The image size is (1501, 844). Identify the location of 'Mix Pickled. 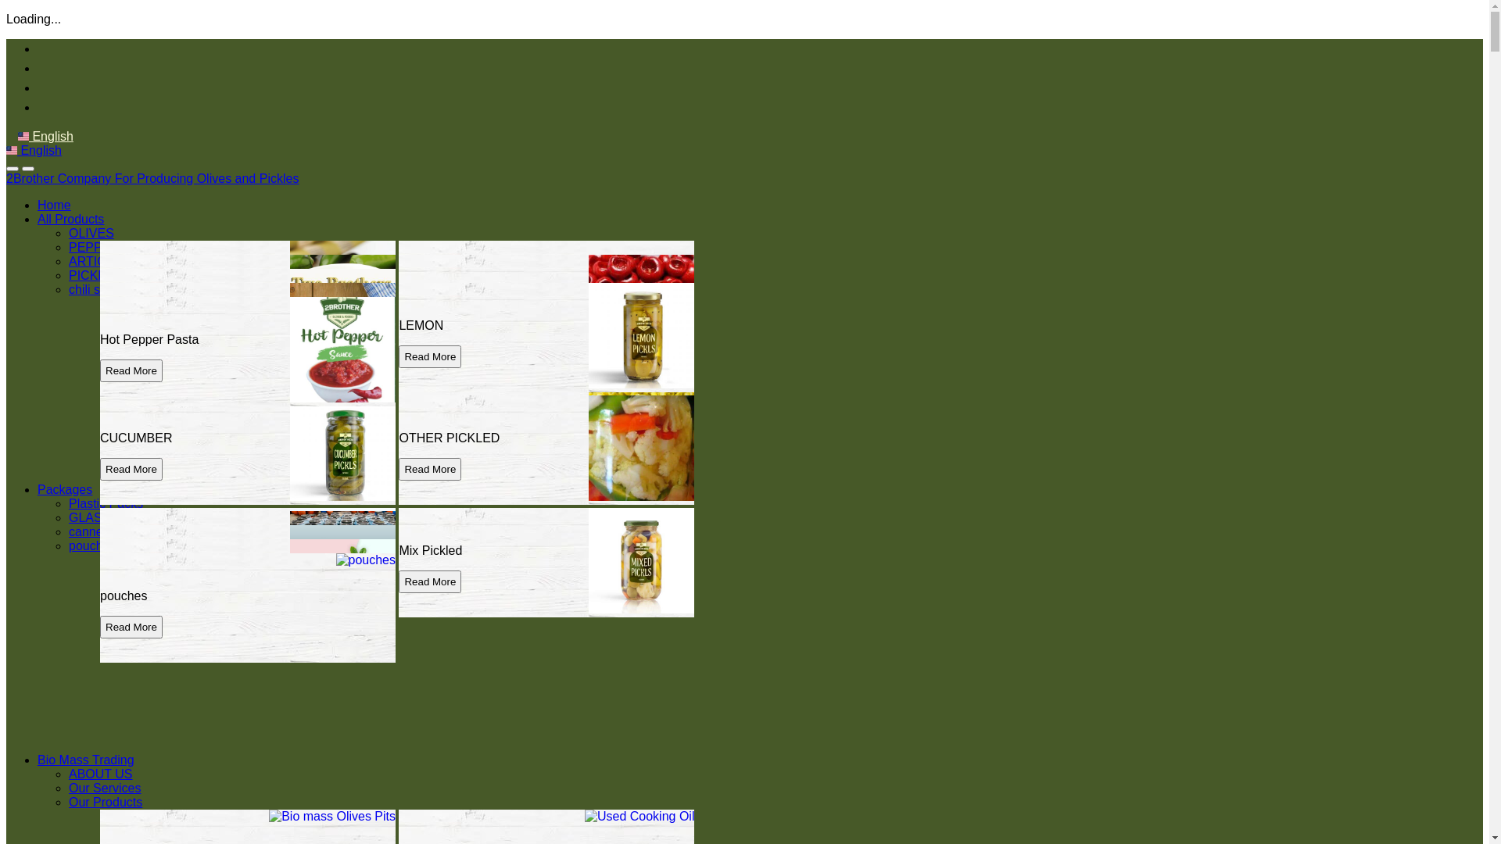
(546, 563).